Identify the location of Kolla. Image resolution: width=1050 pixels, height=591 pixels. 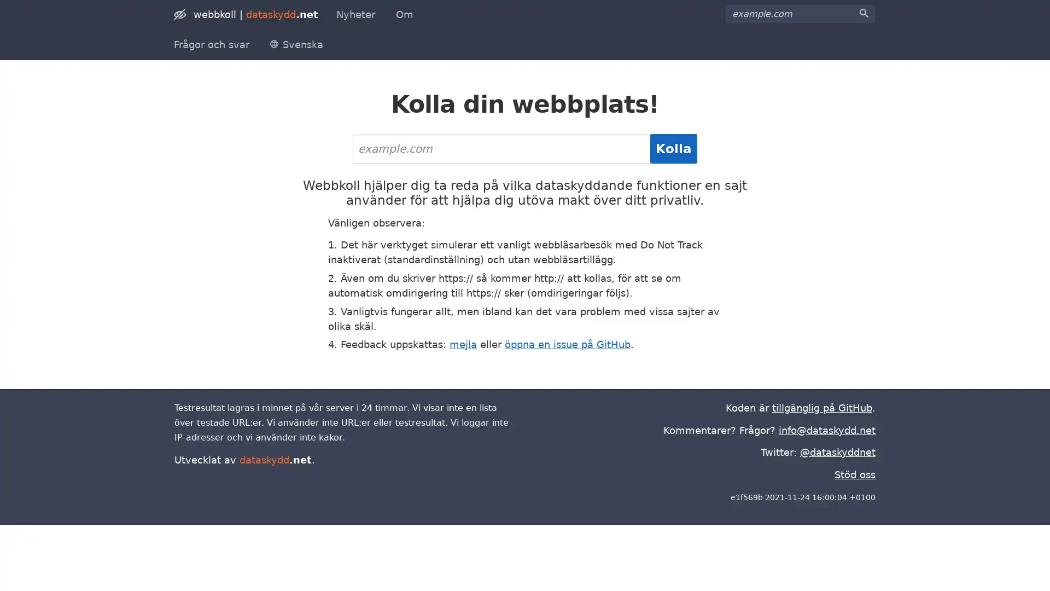
(673, 149).